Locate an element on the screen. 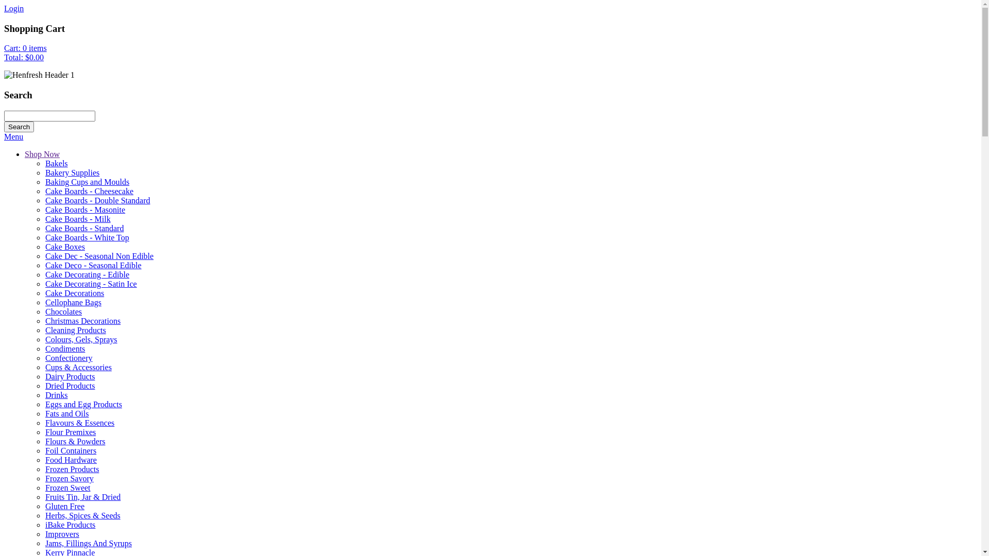  'Cake Dec - Seasonal Non Edible' is located at coordinates (99, 255).